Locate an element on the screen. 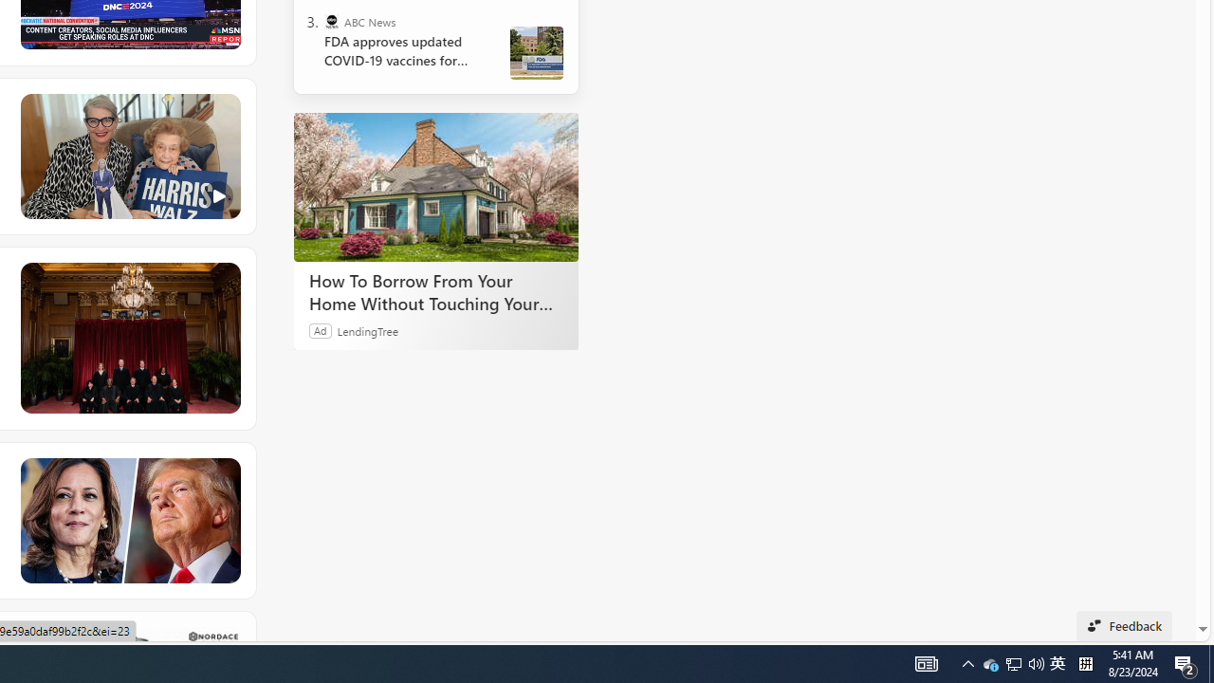 Image resolution: width=1214 pixels, height=683 pixels. 'LendingTree' is located at coordinates (367, 329).